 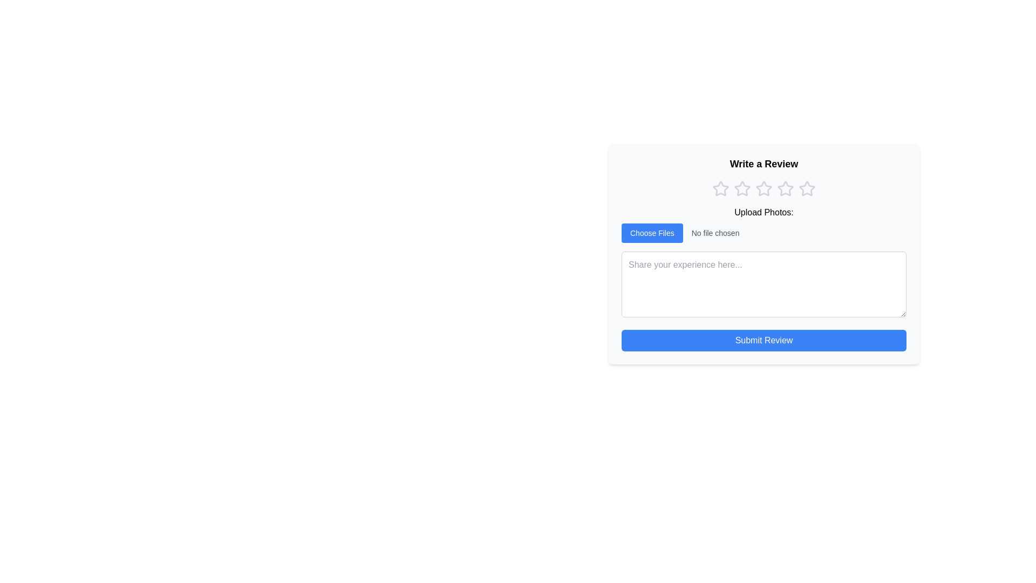 I want to click on the first star icon in the star rating component, so click(x=720, y=188).